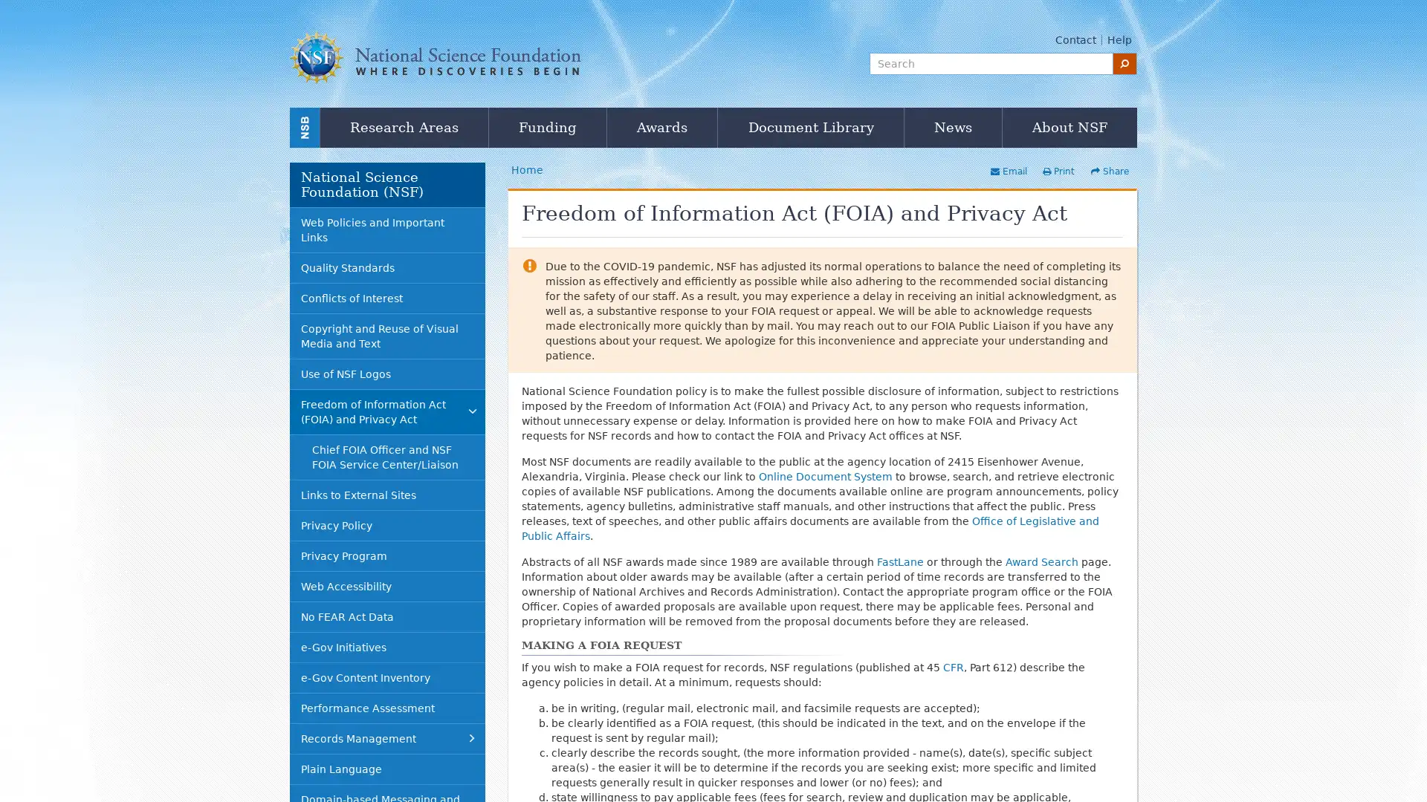 The height and width of the screenshot is (802, 1427). Describe the element at coordinates (387, 738) in the screenshot. I see `Records Management` at that location.